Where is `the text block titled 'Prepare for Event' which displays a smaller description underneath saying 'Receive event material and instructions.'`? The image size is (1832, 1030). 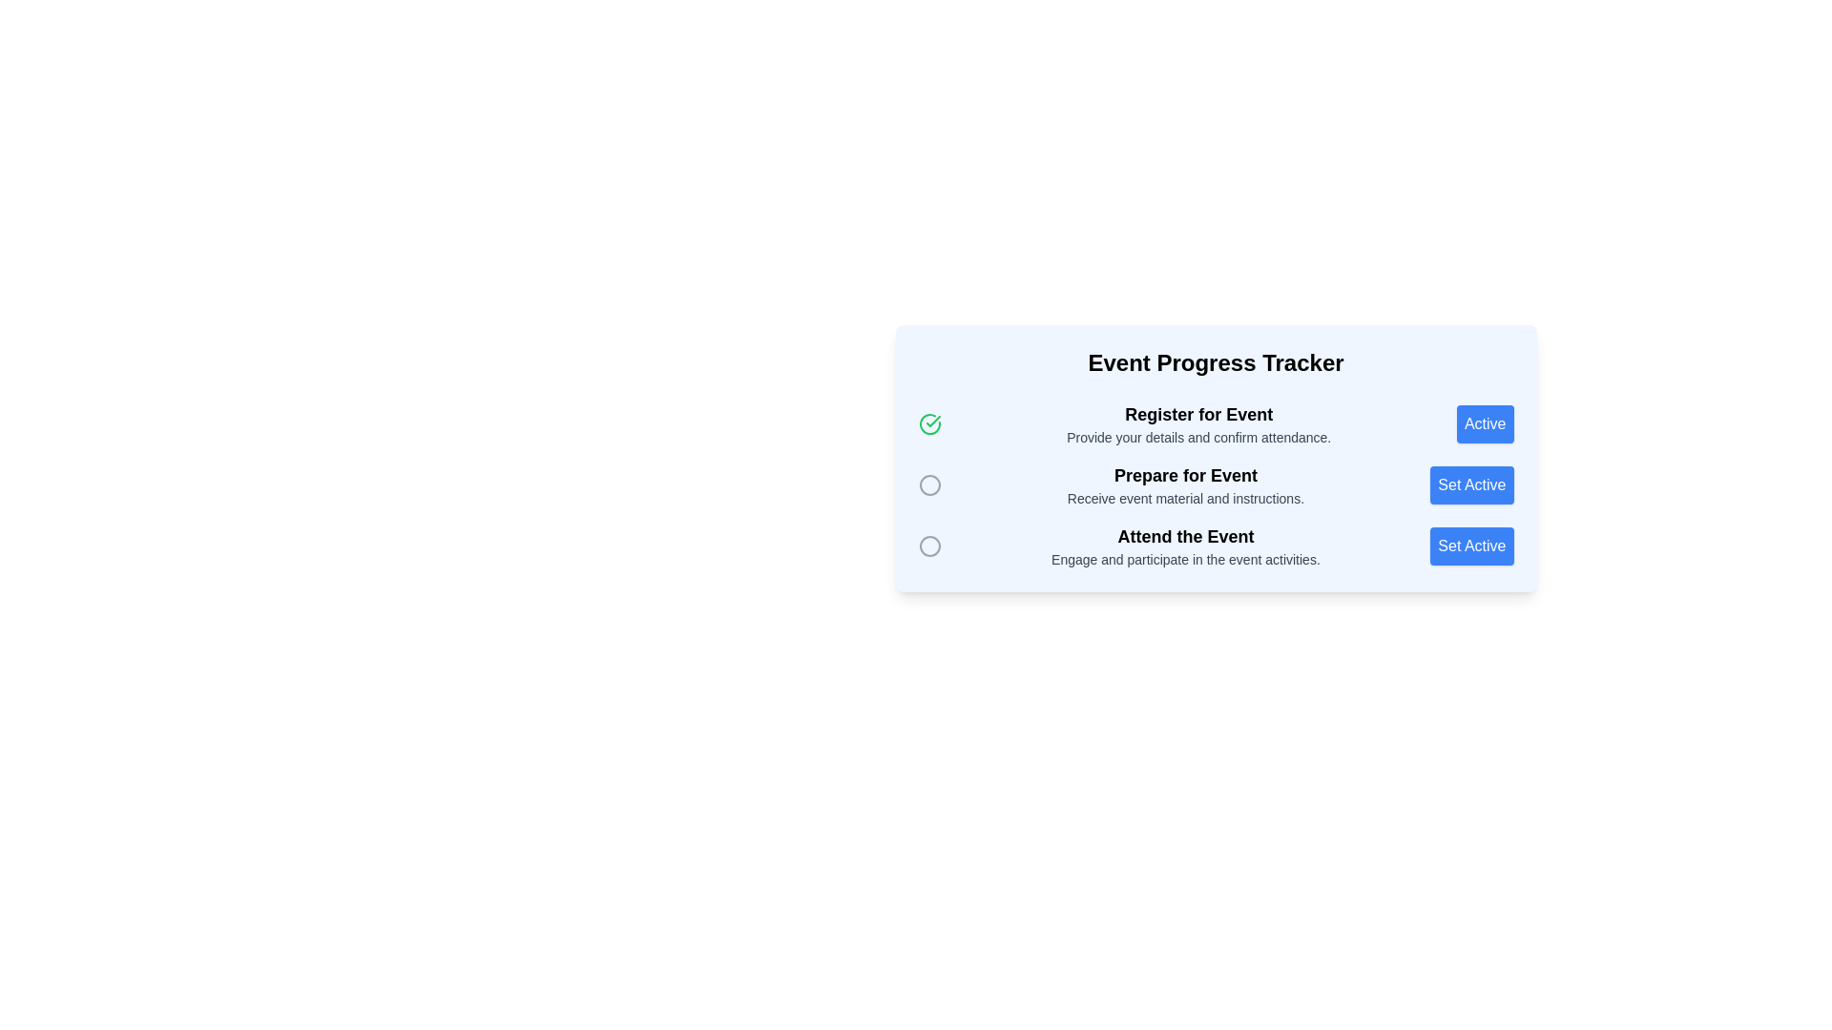 the text block titled 'Prepare for Event' which displays a smaller description underneath saying 'Receive event material and instructions.' is located at coordinates (1185, 484).